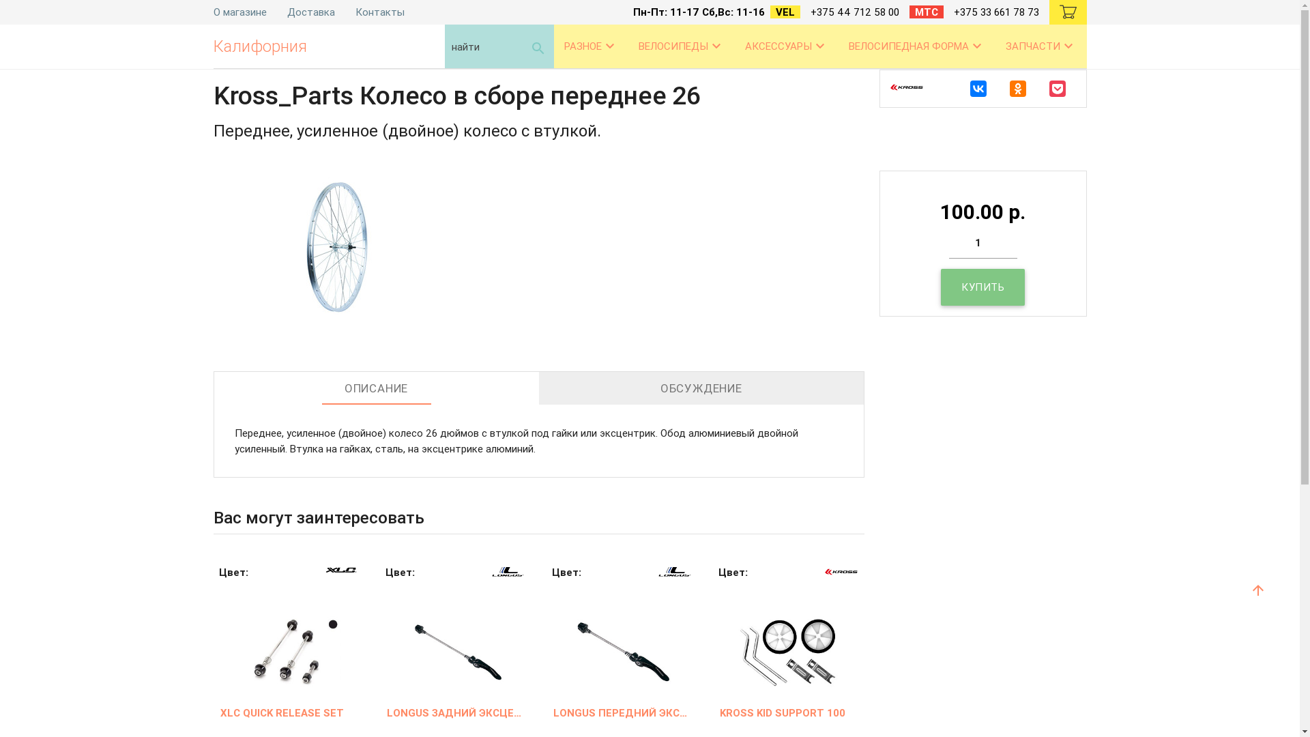 The width and height of the screenshot is (1310, 737). What do you see at coordinates (287, 637) in the screenshot?
I see `'Quick Release Set'` at bounding box center [287, 637].